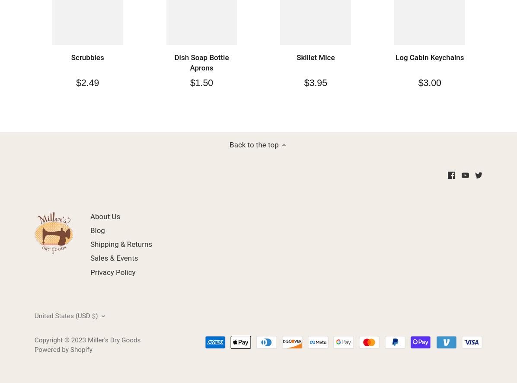 This screenshot has width=517, height=383. Describe the element at coordinates (63, 349) in the screenshot. I see `'Powered by Shopify'` at that location.